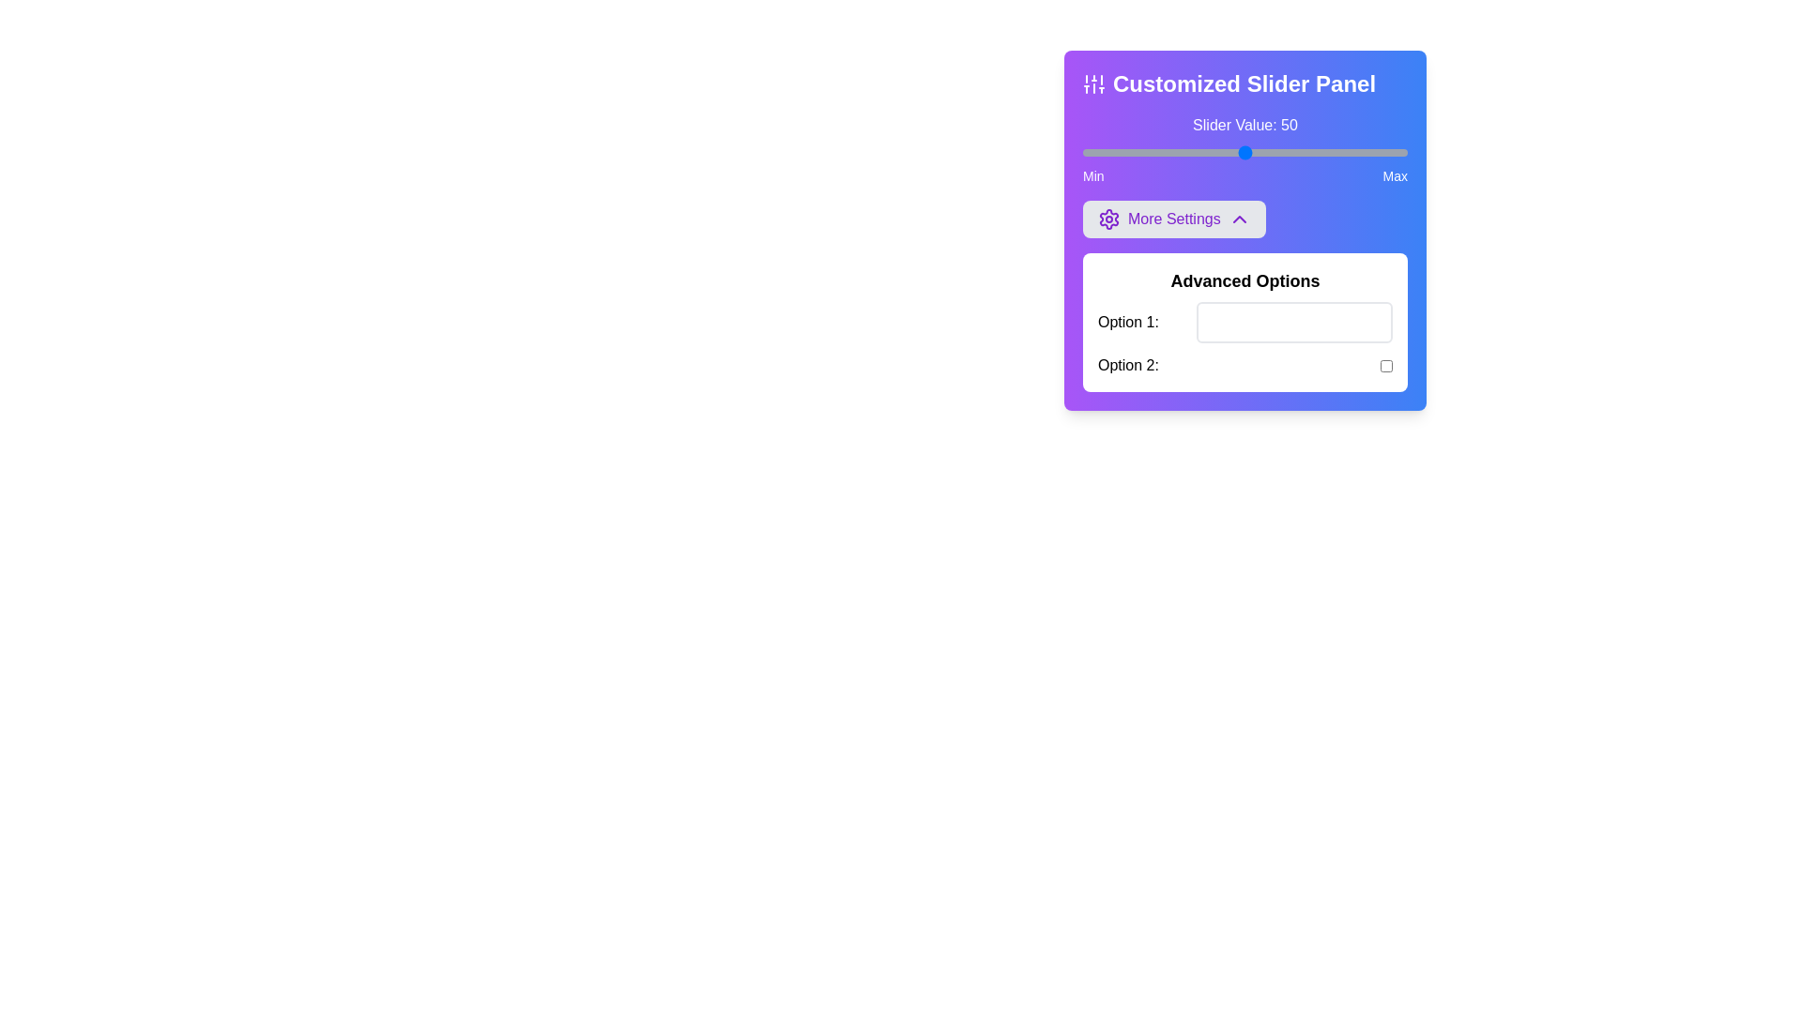  I want to click on the slider's value, so click(1271, 151).